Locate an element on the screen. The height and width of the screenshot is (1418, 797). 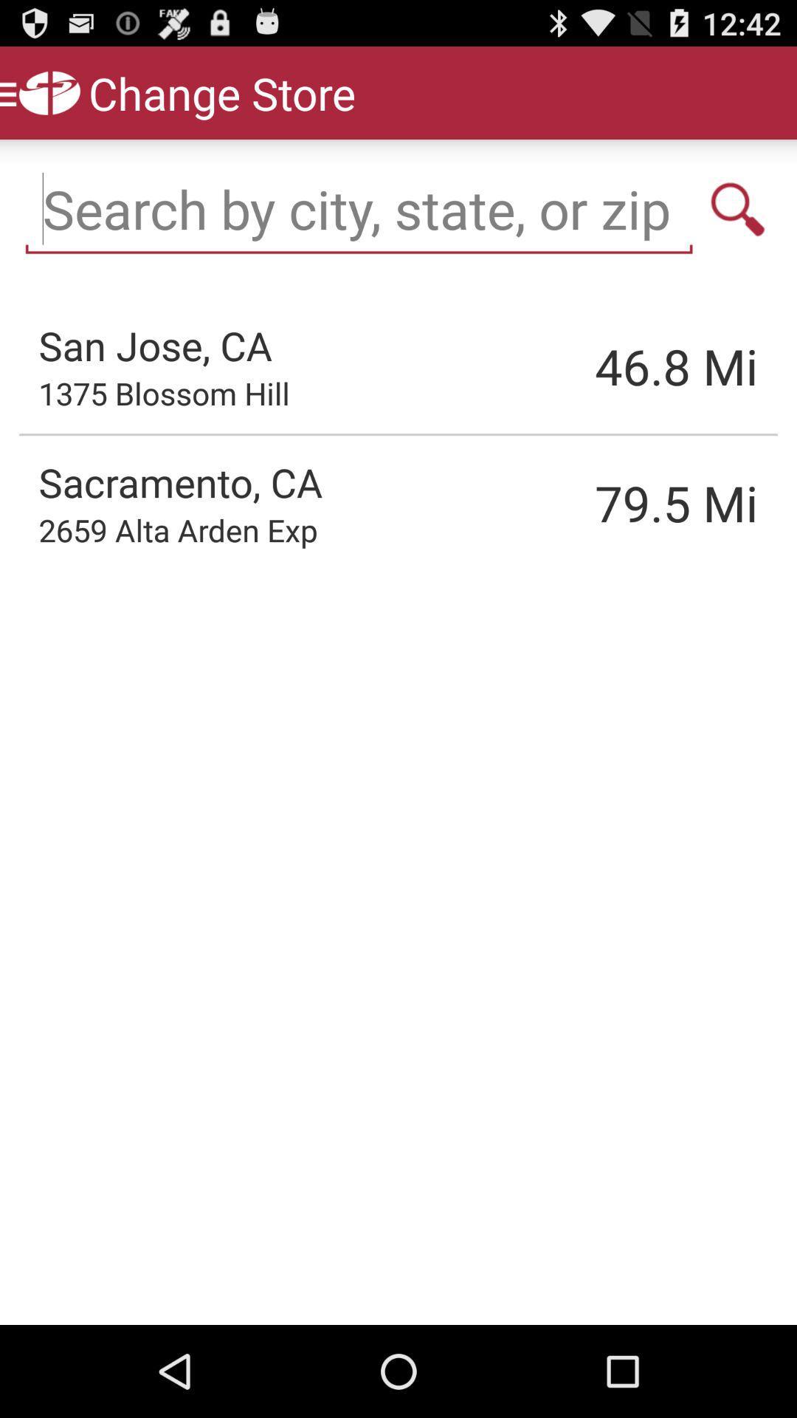
input city name state name or zip code is located at coordinates (359, 208).